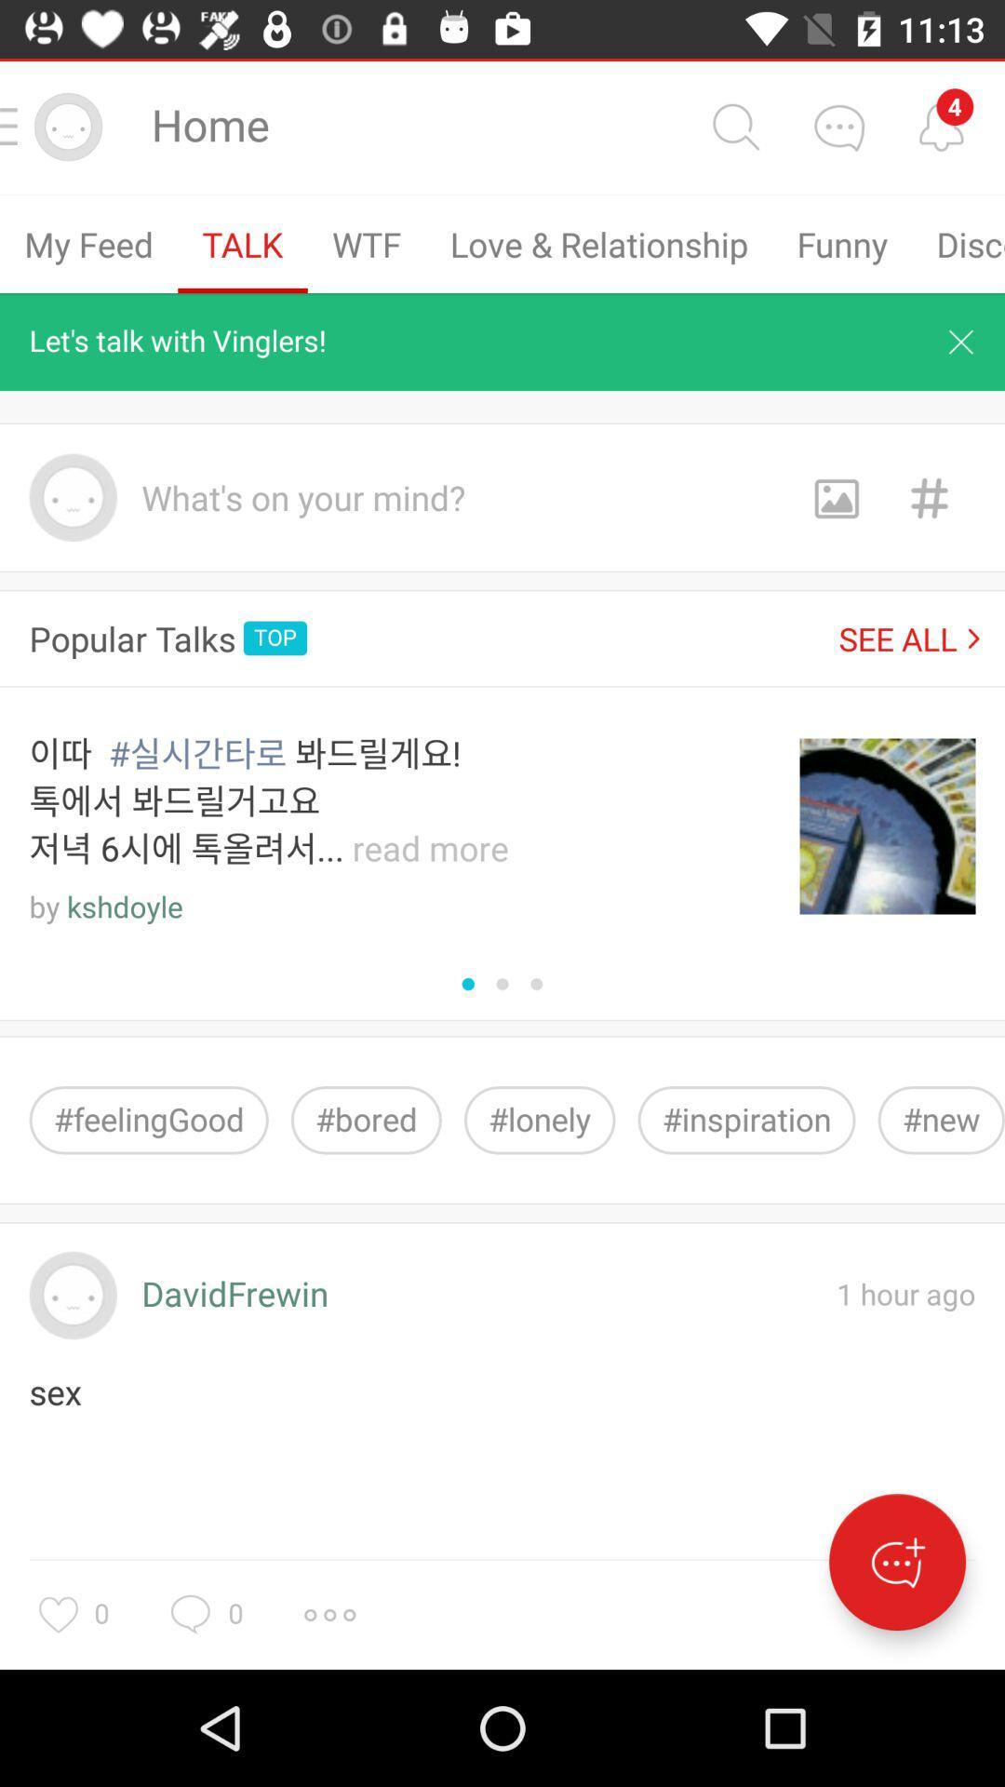 The image size is (1005, 1787). I want to click on the chat icon, so click(838, 126).